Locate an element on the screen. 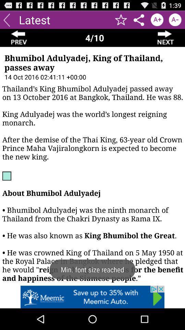  adverdisment link is located at coordinates (92, 297).